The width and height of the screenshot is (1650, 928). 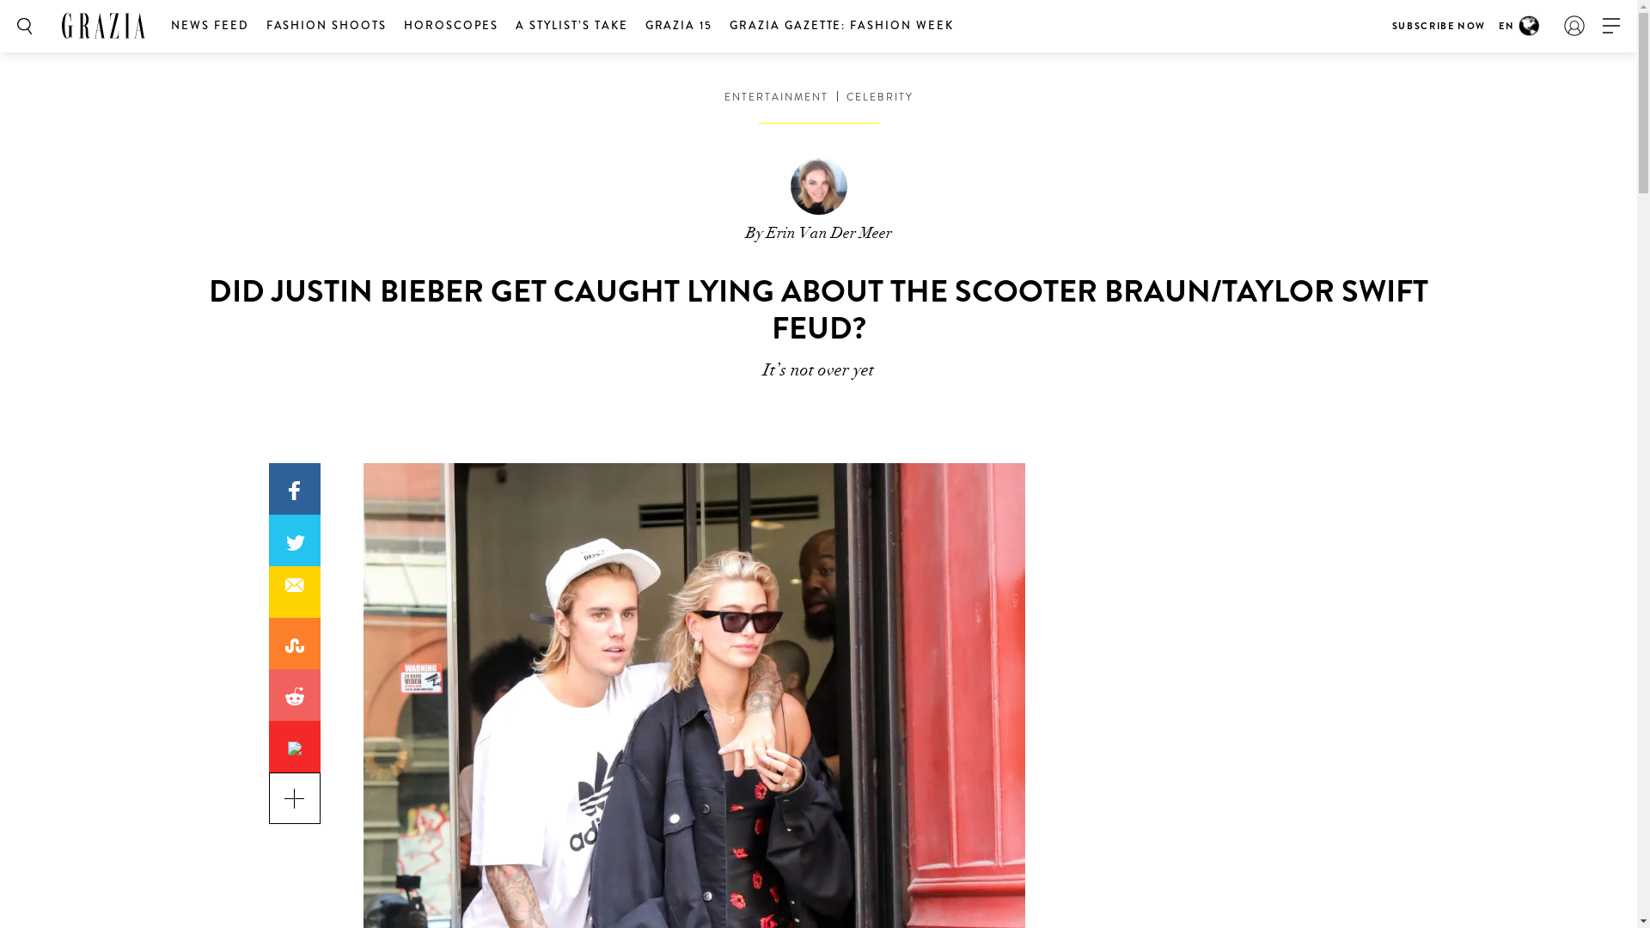 I want to click on 'GRAZIA 15', so click(x=678, y=26).